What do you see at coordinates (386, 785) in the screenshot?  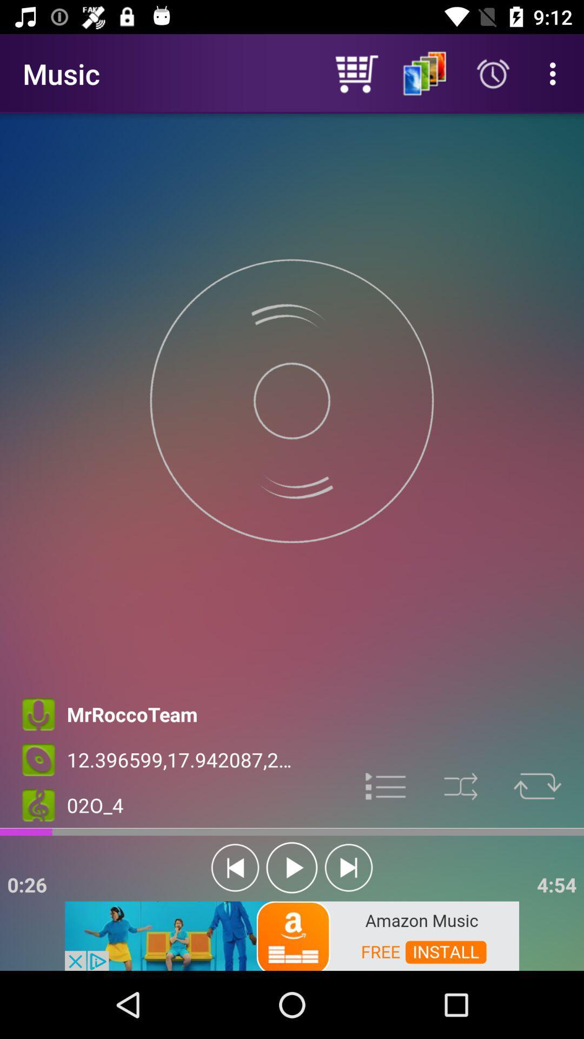 I see `advertisement` at bounding box center [386, 785].